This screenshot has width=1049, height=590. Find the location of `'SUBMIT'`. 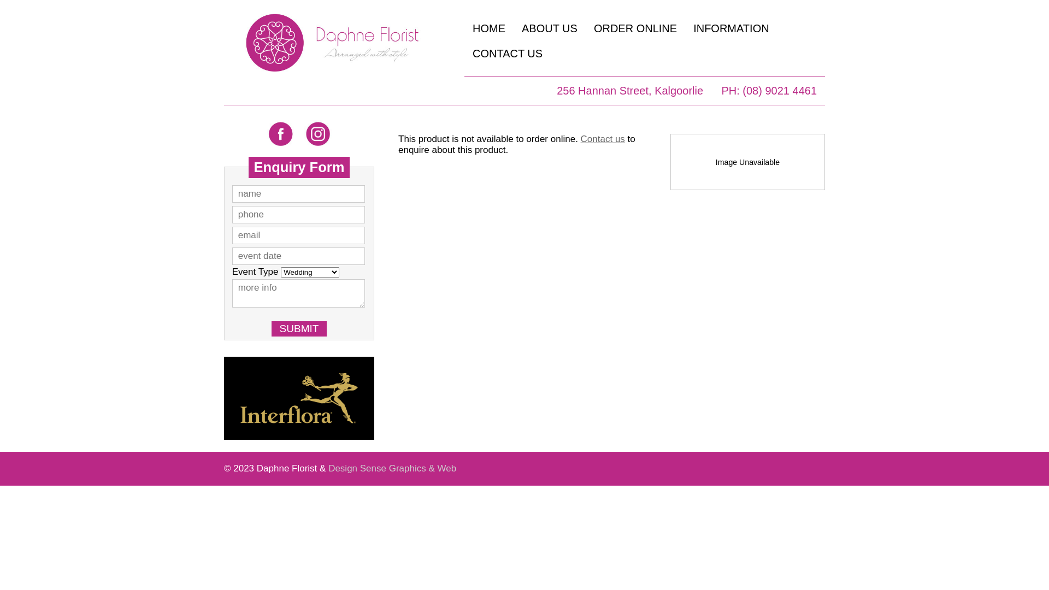

'SUBMIT' is located at coordinates (272, 328).